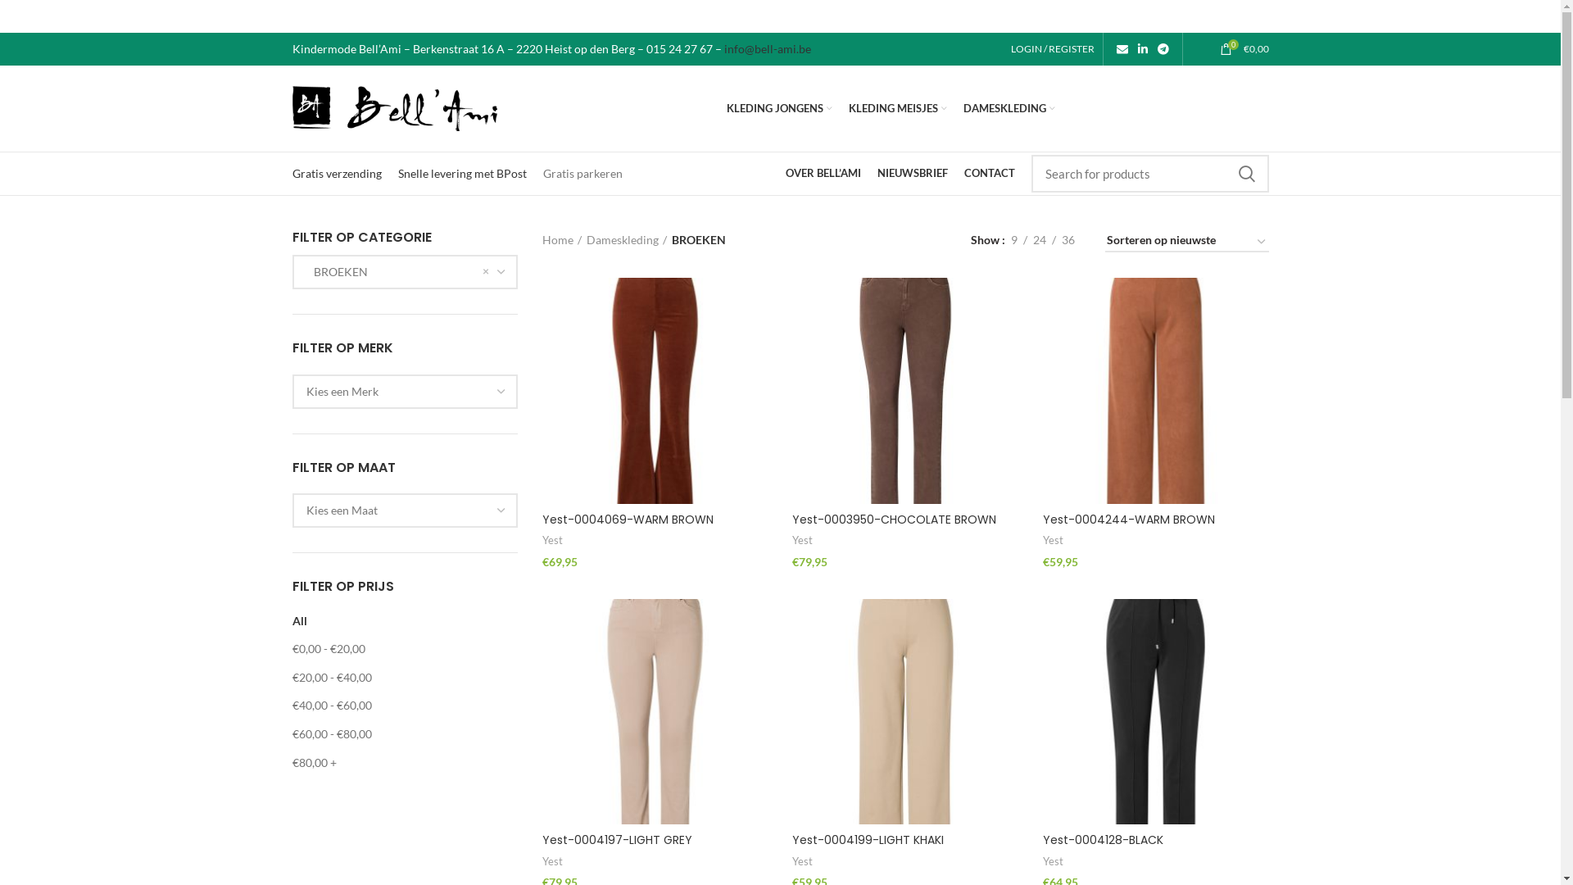 Image resolution: width=1573 pixels, height=885 pixels. What do you see at coordinates (291, 173) in the screenshot?
I see `'Gratis verzending'` at bounding box center [291, 173].